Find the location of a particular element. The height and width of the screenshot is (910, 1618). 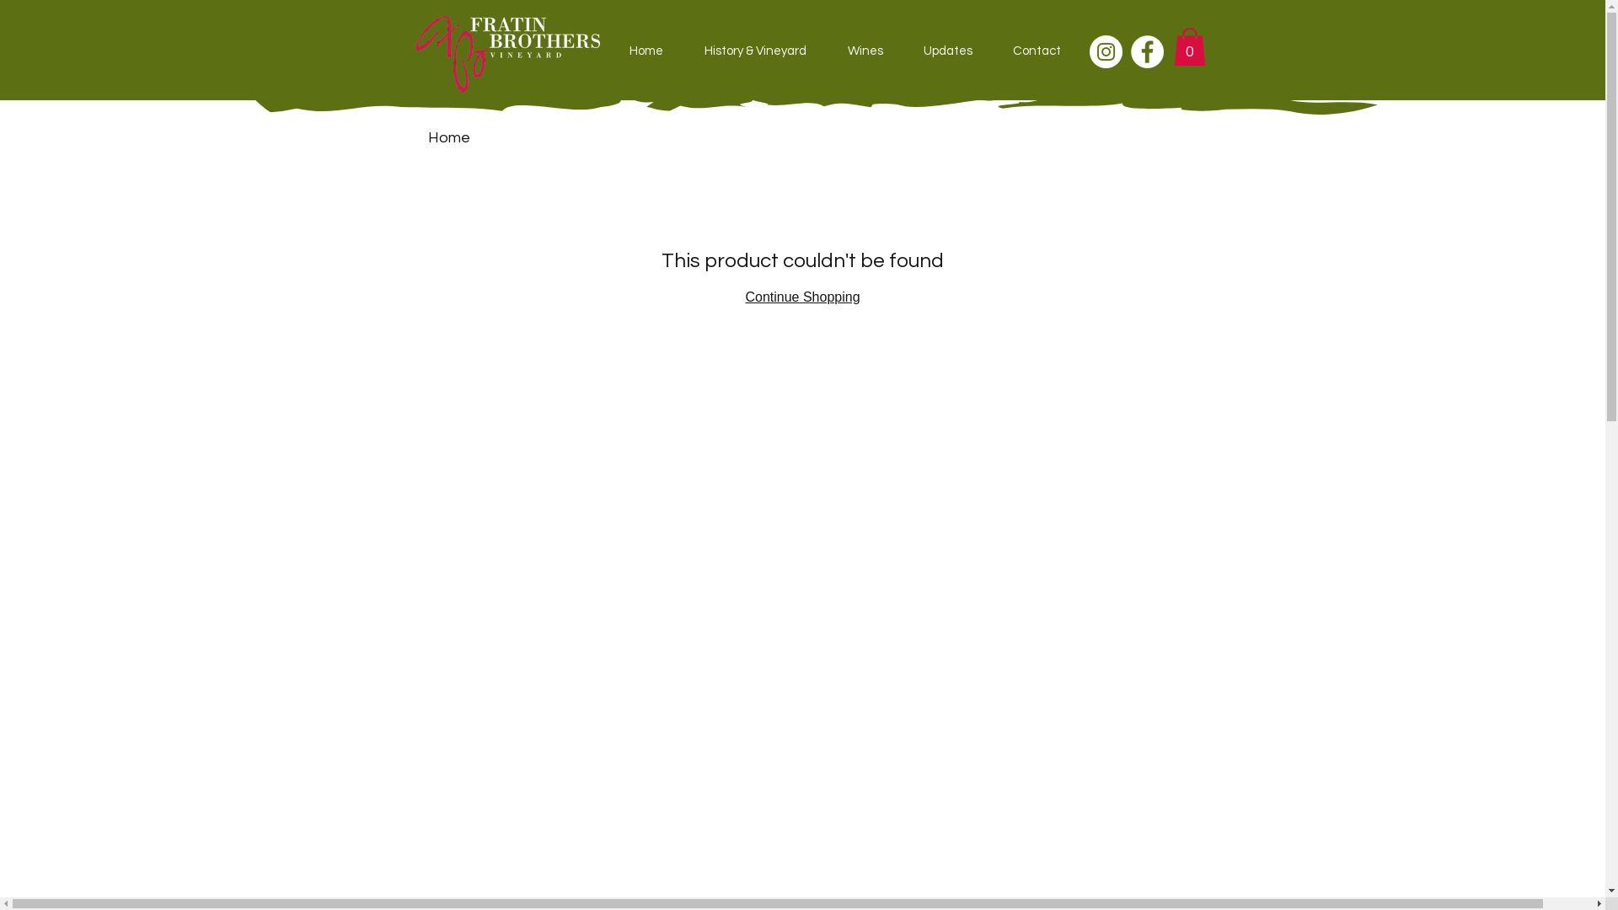

'Wines' is located at coordinates (865, 51).